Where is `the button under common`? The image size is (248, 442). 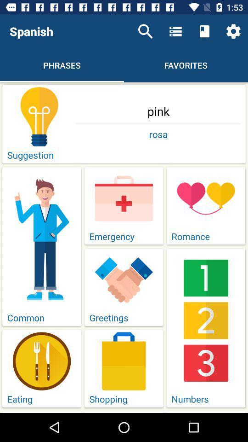
the button under common is located at coordinates (41, 368).